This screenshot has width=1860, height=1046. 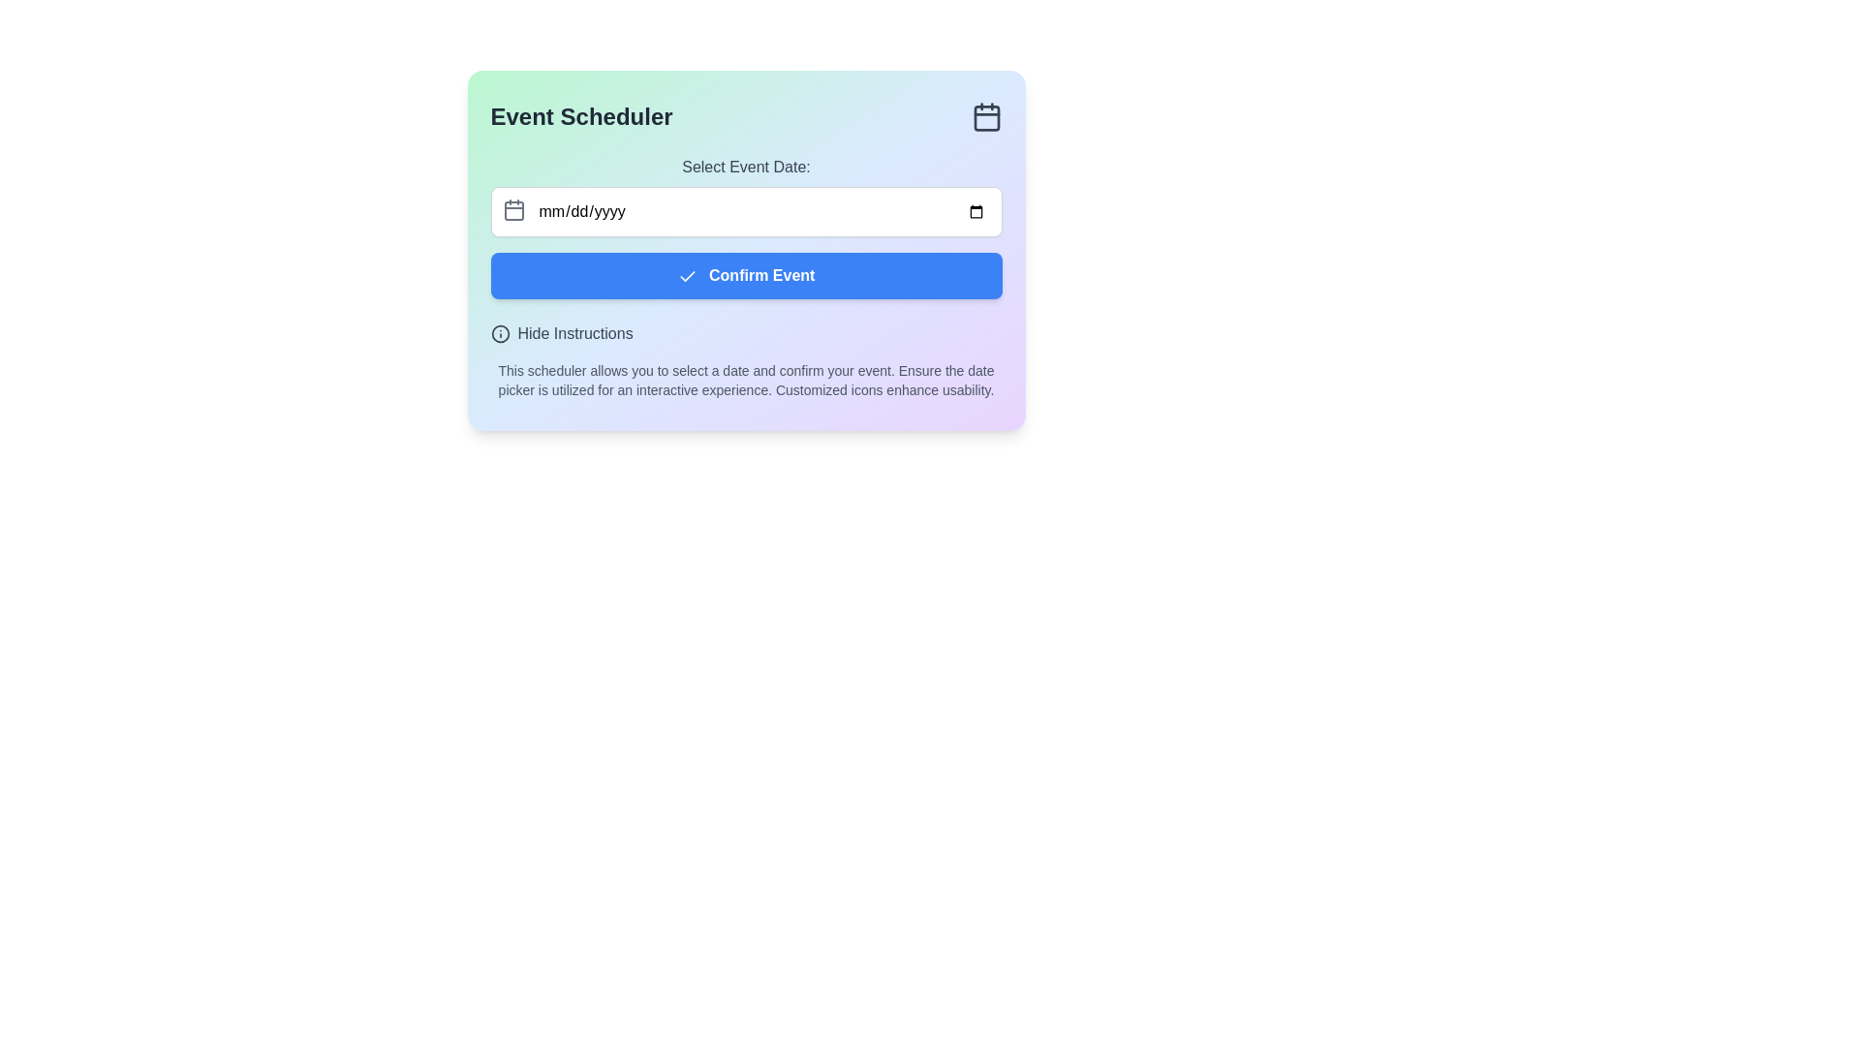 What do you see at coordinates (687, 276) in the screenshot?
I see `the checkmark icon located slightly left of the 'Confirm Event' button, which visually indicates confirmation of an action` at bounding box center [687, 276].